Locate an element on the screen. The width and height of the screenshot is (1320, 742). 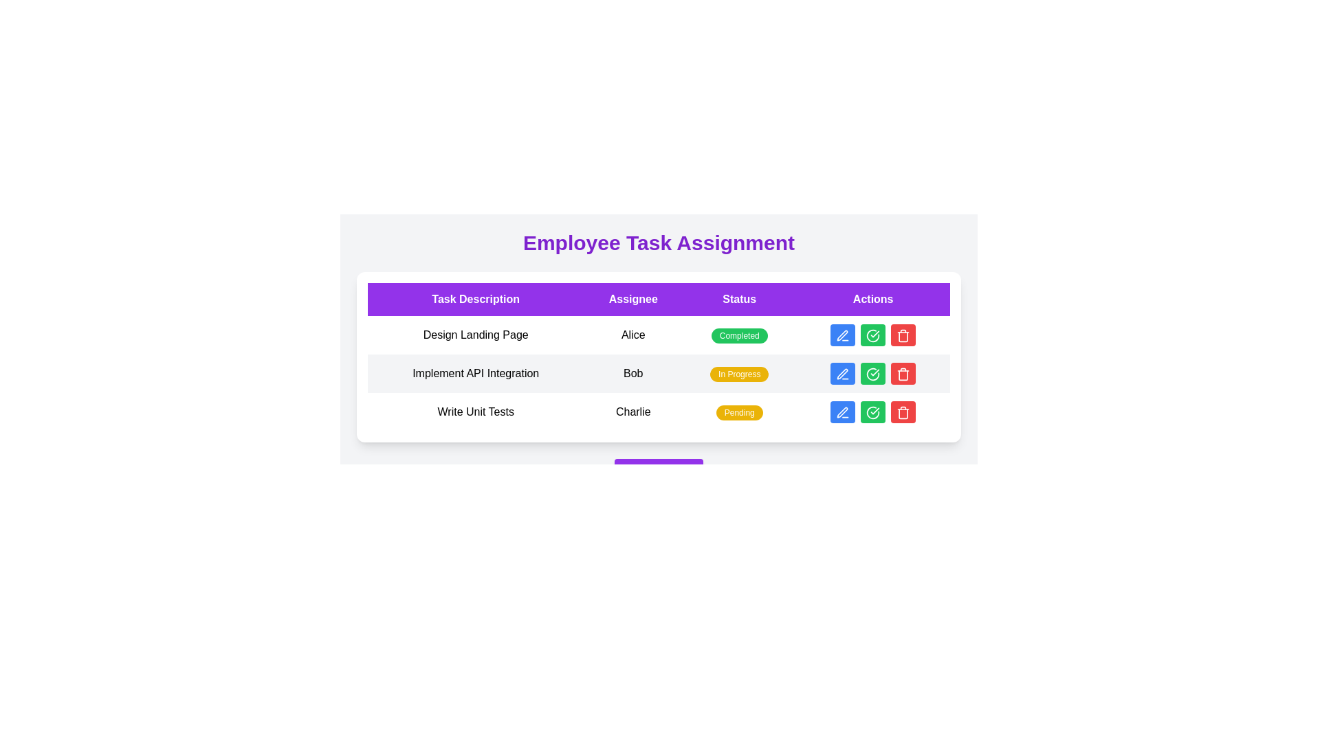
the Status Indicator Badge with yellow background and white text that reads 'In Progress', located in the 'Status' column of the second row in the data table is located at coordinates (738, 374).